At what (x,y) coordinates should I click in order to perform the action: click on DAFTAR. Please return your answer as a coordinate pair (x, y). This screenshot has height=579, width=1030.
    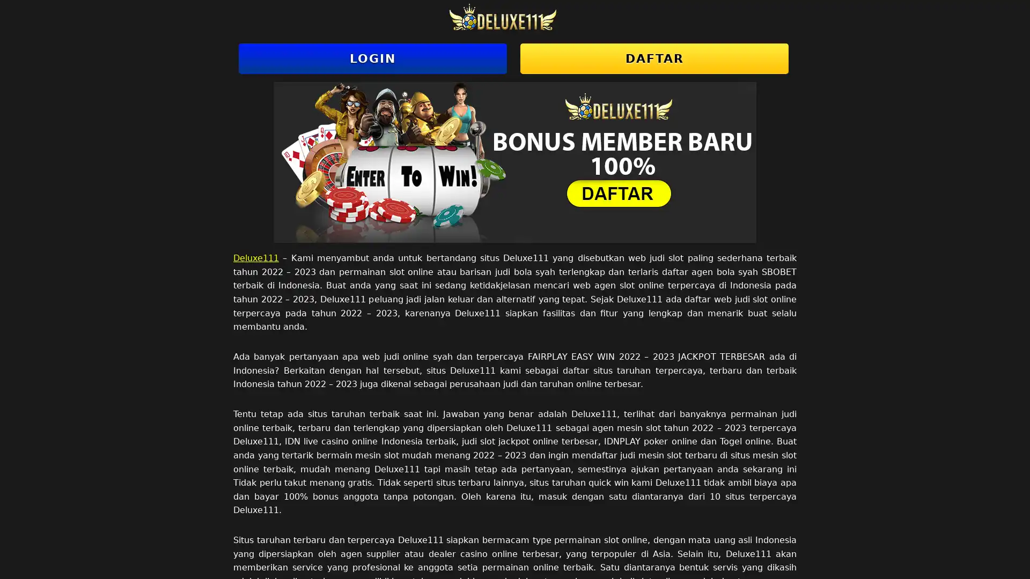
    Looking at the image, I should click on (653, 58).